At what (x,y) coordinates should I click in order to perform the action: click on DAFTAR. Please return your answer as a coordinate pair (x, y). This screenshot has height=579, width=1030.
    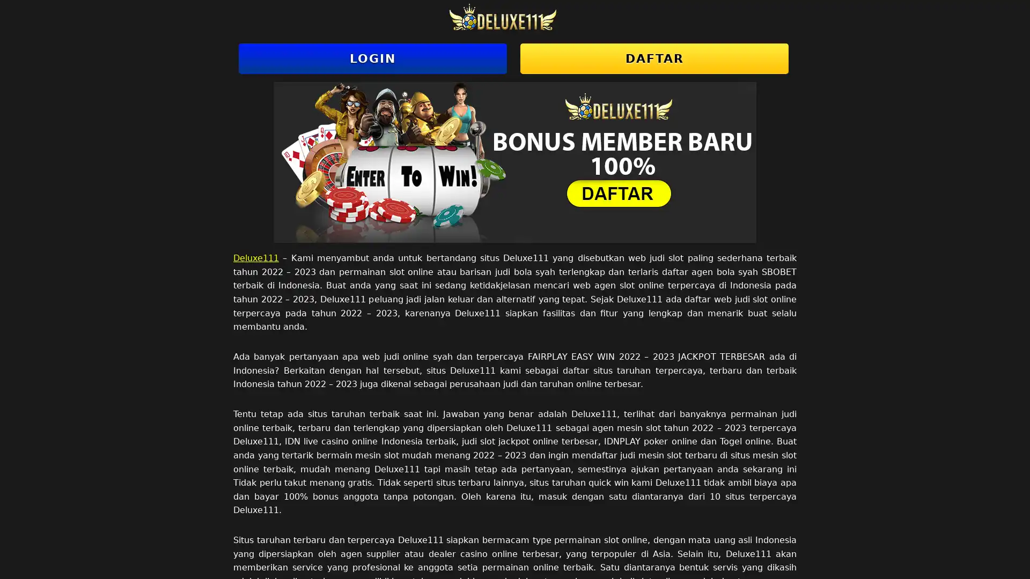
    Looking at the image, I should click on (653, 58).